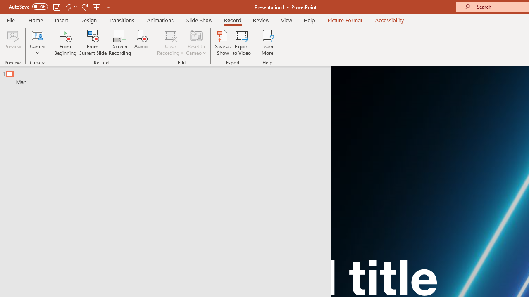 This screenshot has width=529, height=297. Describe the element at coordinates (37, 42) in the screenshot. I see `'Cameo'` at that location.